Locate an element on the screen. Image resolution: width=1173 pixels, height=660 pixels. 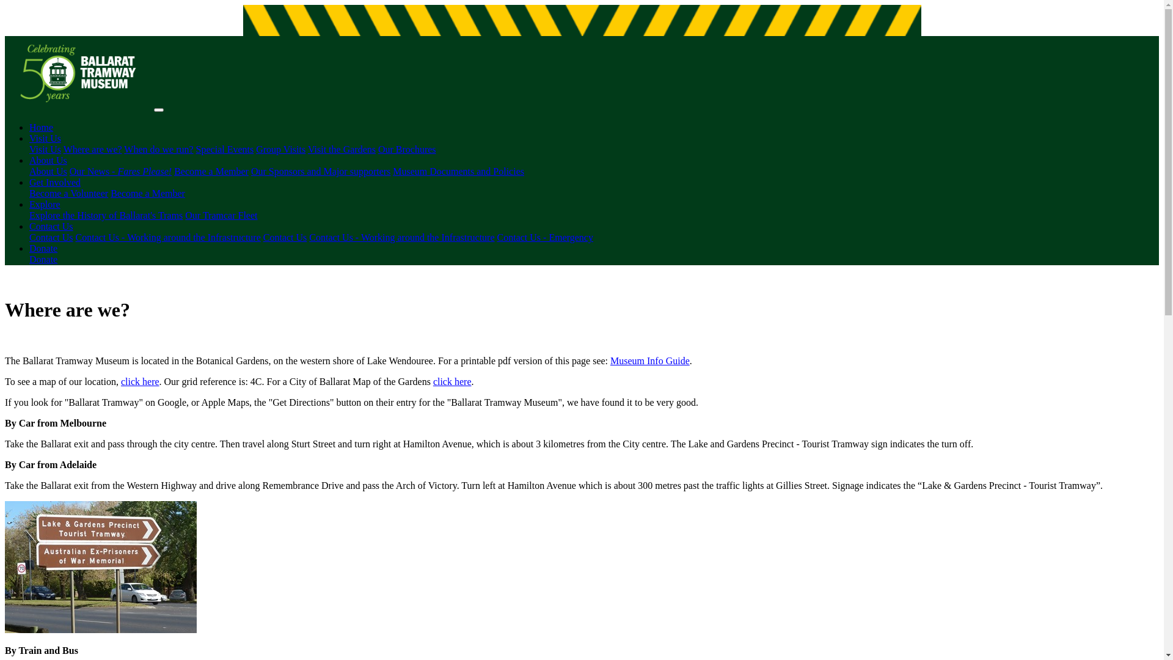
'When do we run?' is located at coordinates (158, 148).